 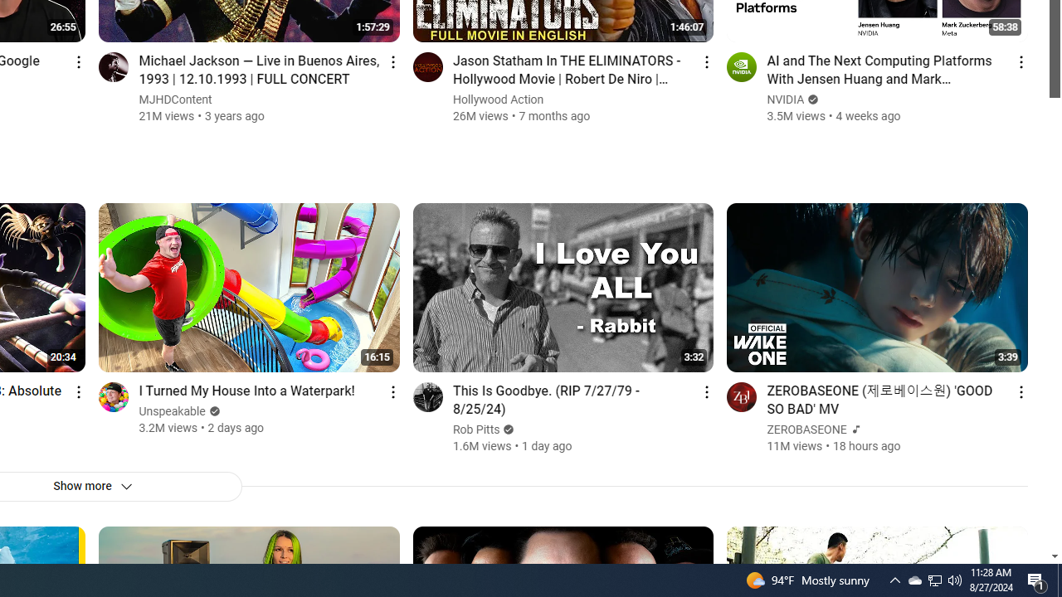 What do you see at coordinates (497, 99) in the screenshot?
I see `'Hollywood Action'` at bounding box center [497, 99].